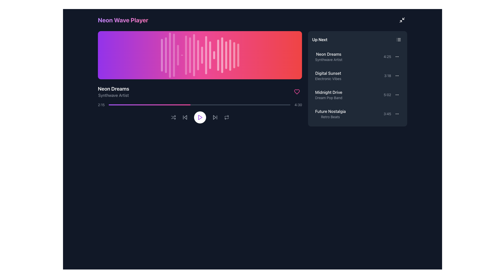  Describe the element at coordinates (234, 55) in the screenshot. I see `the visual waveform bar, which is the nineteenth bar in a sequence of similar bars, appearing as a thin vertical bar with a rounded shape and a pulse-like animation` at that location.